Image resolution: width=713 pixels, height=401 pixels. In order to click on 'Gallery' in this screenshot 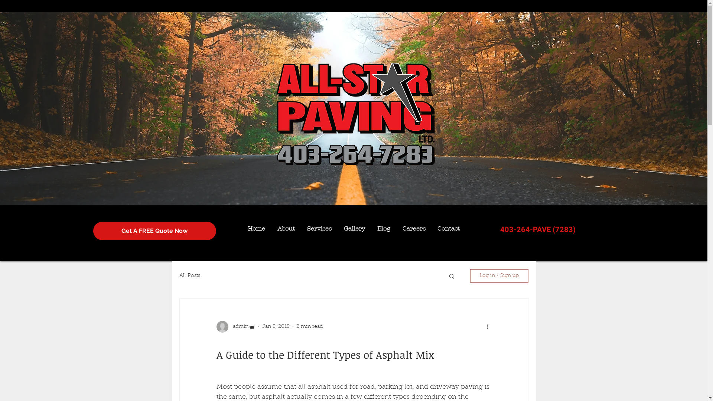, I will do `click(354, 228)`.